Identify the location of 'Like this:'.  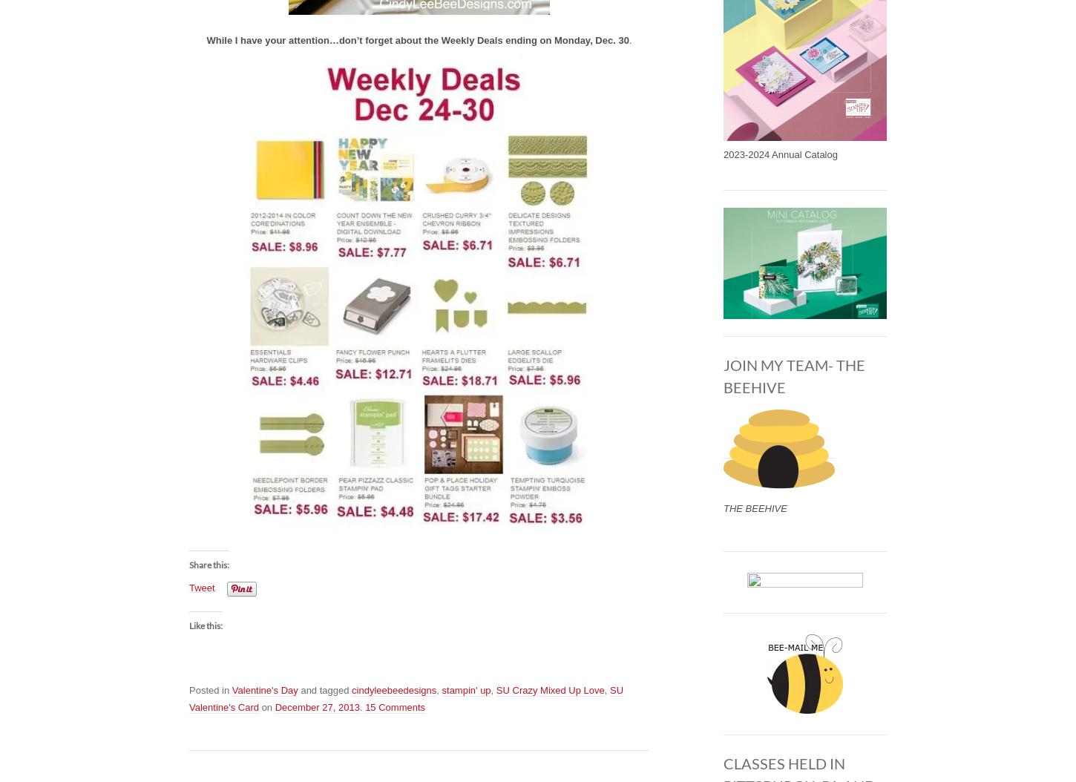
(206, 625).